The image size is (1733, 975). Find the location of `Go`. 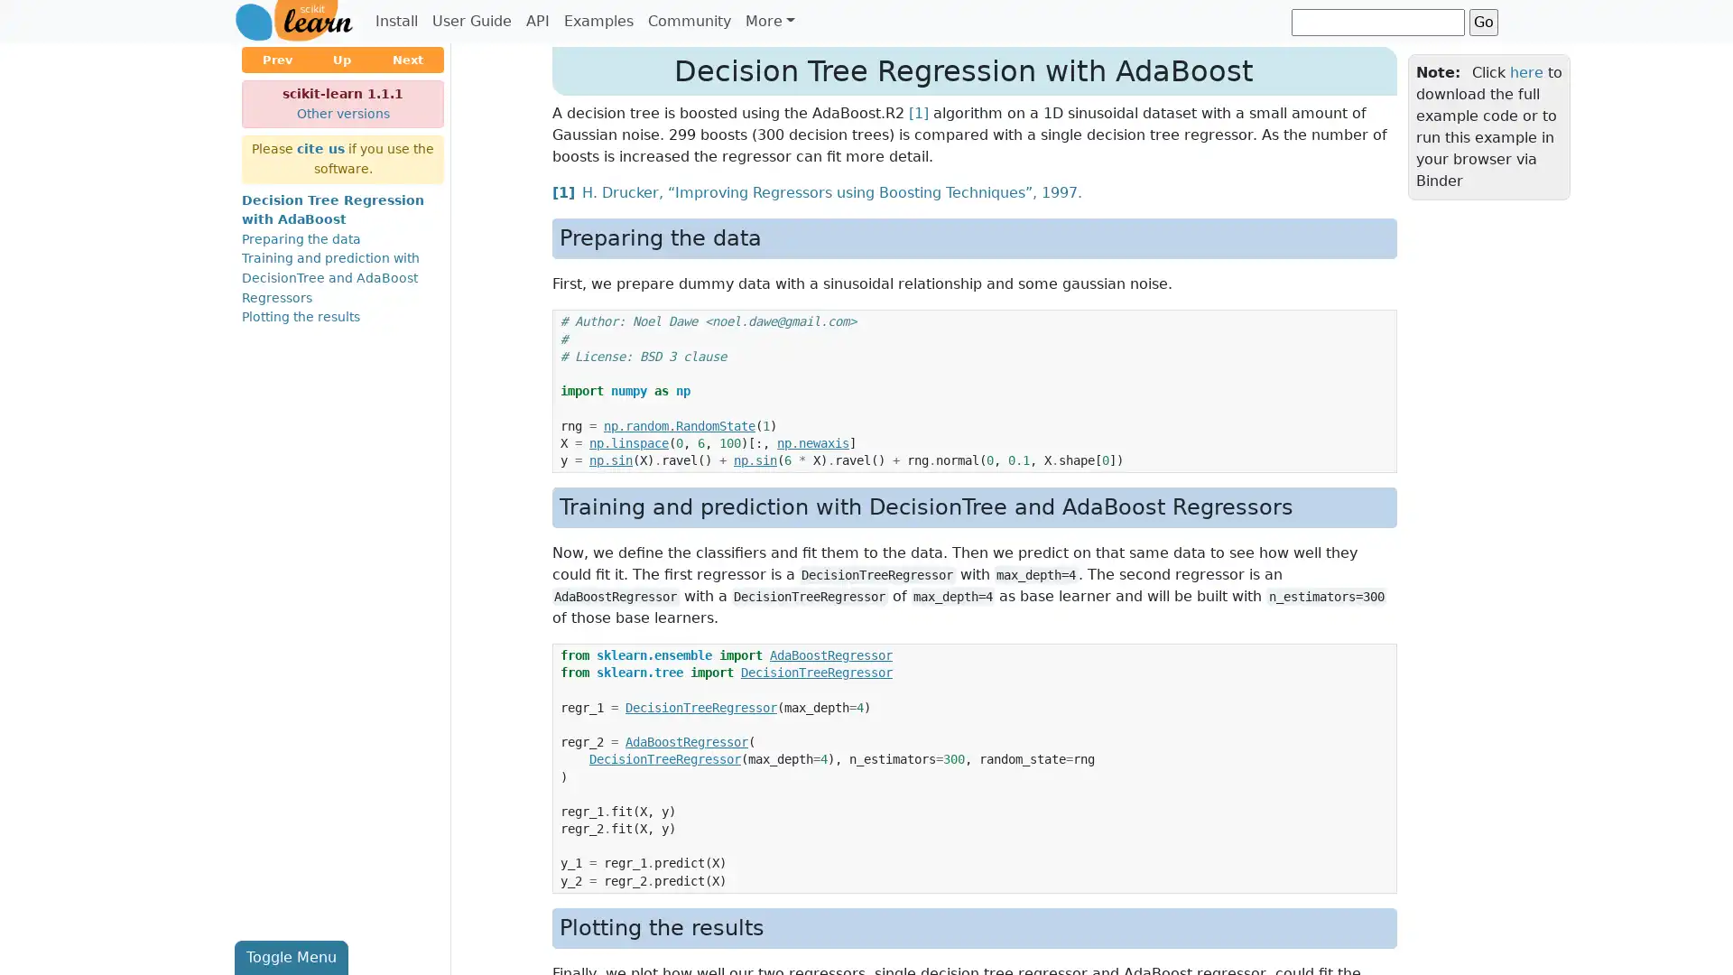

Go is located at coordinates (1483, 21).